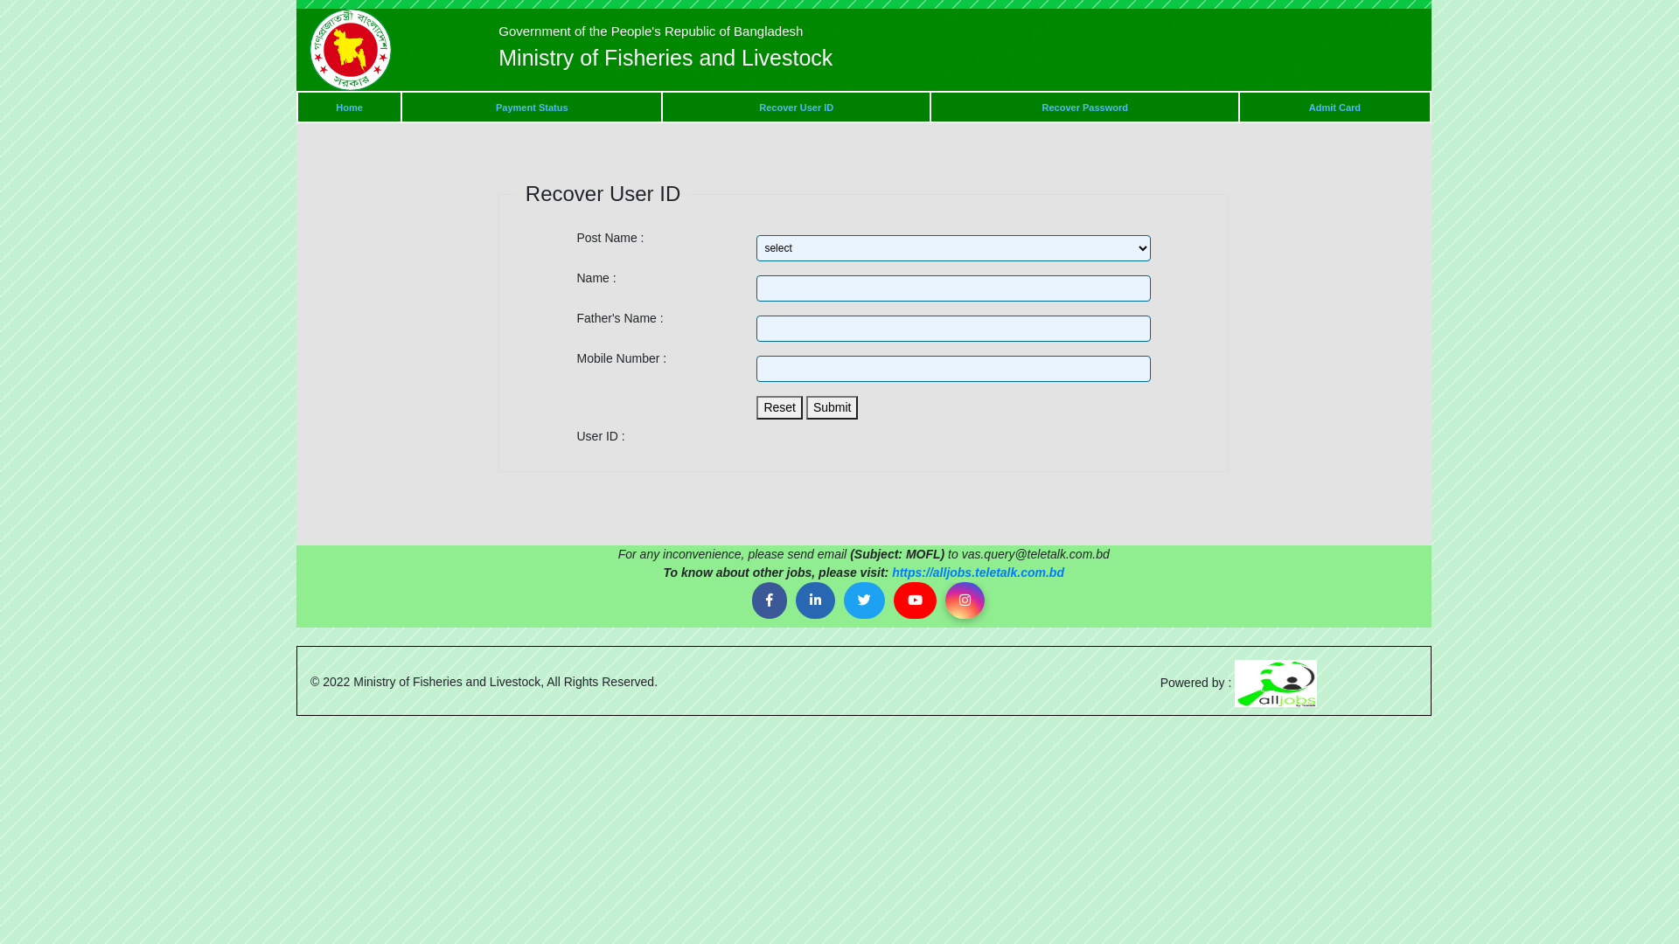 The image size is (1679, 944). I want to click on 'Submit', so click(831, 407).